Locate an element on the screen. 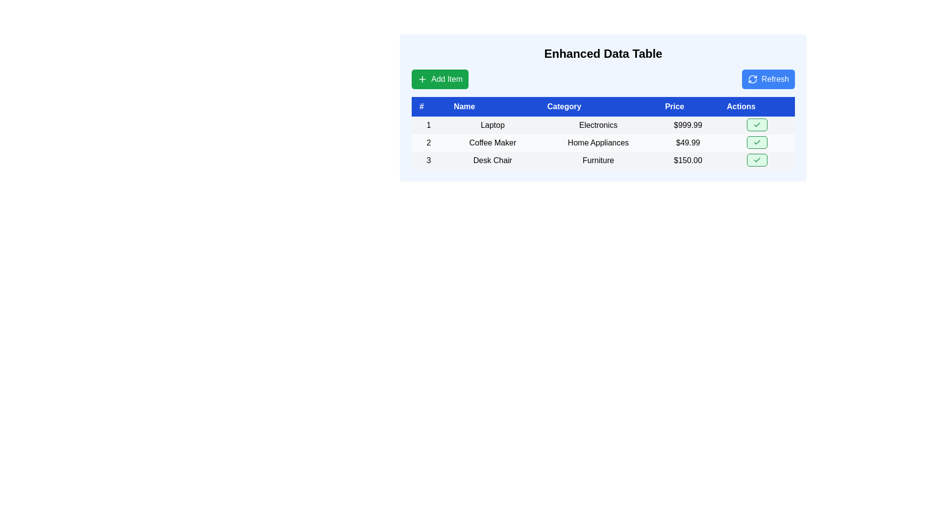  the price display for the item '2 Coffee Maker Home Appliances' located in the fourth column of the table, positioned between the 'Home Appliances' text and the adjacent column containing action buttons is located at coordinates (687, 143).